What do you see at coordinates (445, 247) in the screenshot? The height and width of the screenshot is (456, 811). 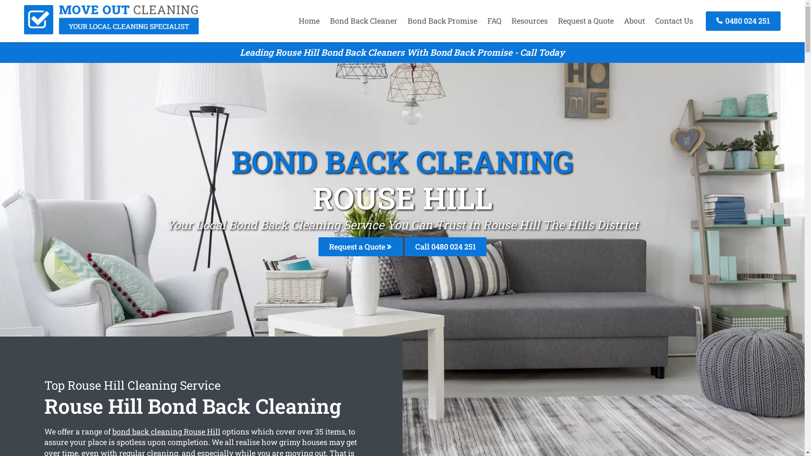 I see `'Call 0480 024 251'` at bounding box center [445, 247].